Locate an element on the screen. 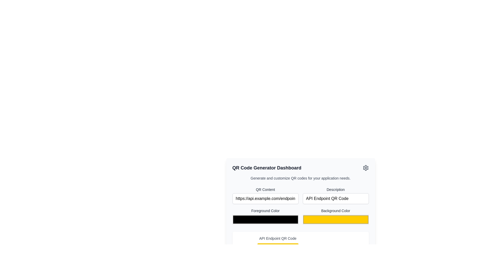 Image resolution: width=496 pixels, height=279 pixels. the Color Picker Input Field labeled 'Foreground Color' is located at coordinates (265, 217).